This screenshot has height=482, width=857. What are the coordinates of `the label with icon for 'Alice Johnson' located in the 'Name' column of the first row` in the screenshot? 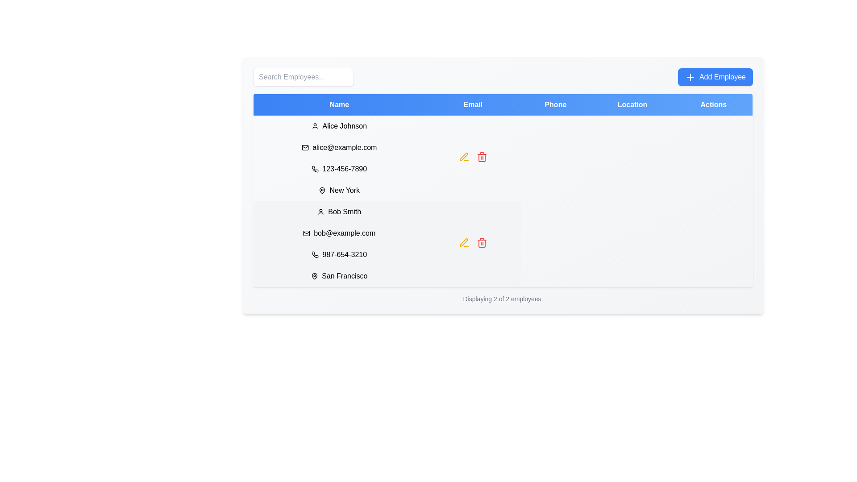 It's located at (339, 126).